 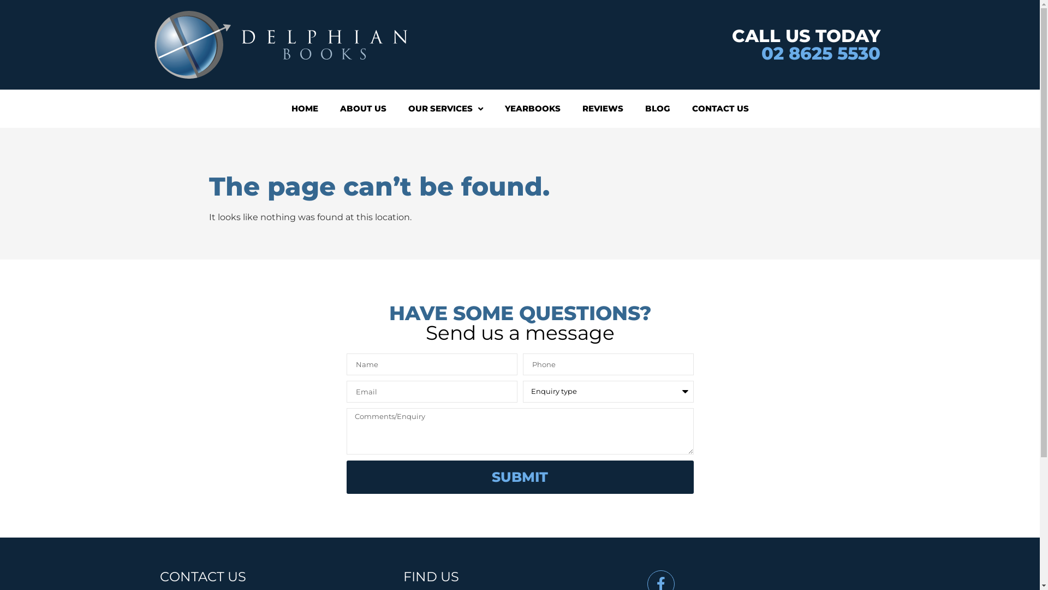 What do you see at coordinates (657, 109) in the screenshot?
I see `'BLOG'` at bounding box center [657, 109].